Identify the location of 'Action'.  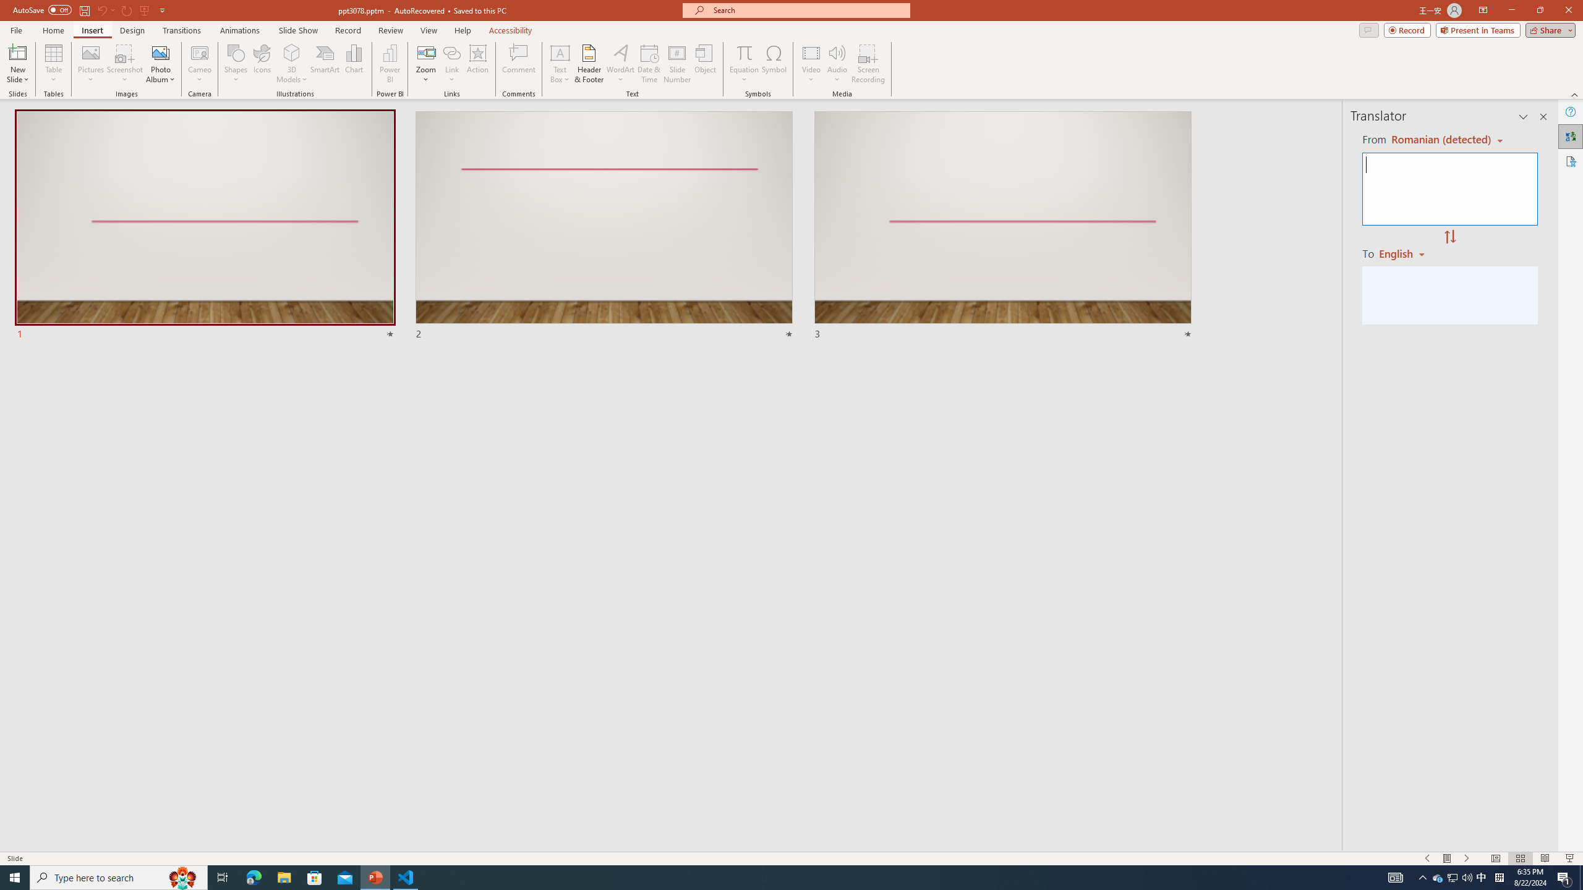
(478, 64).